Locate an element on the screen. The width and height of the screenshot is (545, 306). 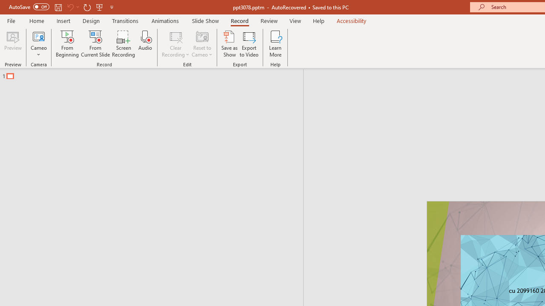
'Cameo' is located at coordinates (38, 44).